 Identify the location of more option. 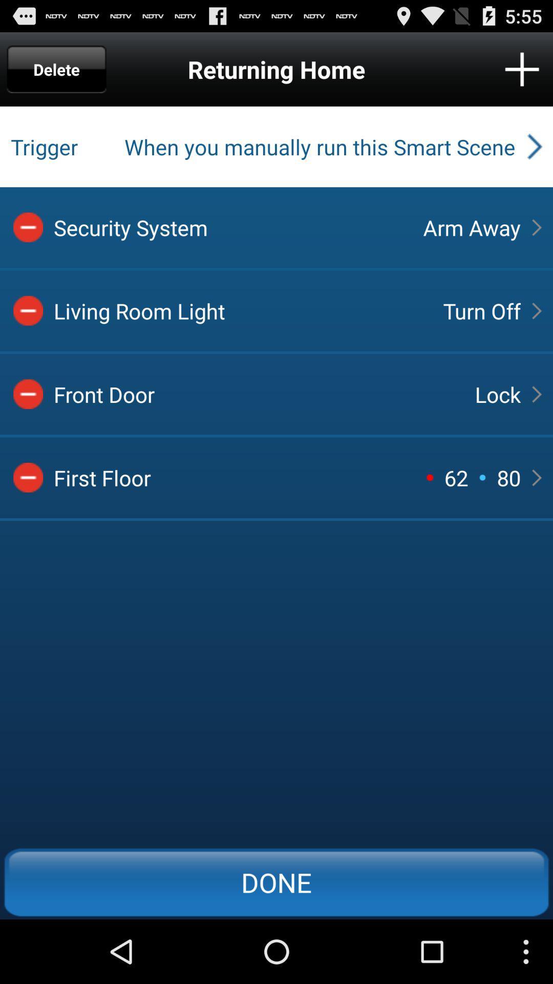
(522, 69).